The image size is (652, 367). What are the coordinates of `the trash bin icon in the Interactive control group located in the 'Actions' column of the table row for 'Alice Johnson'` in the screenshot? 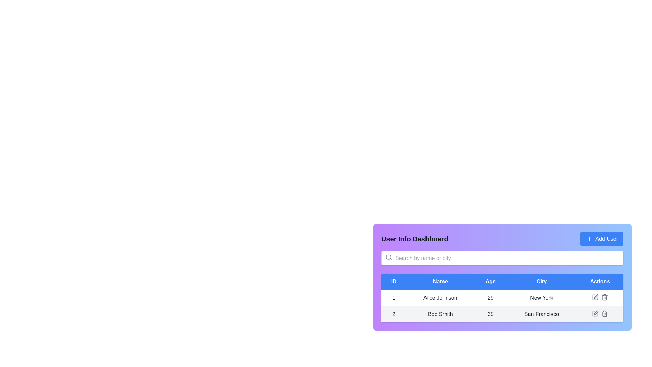 It's located at (600, 297).